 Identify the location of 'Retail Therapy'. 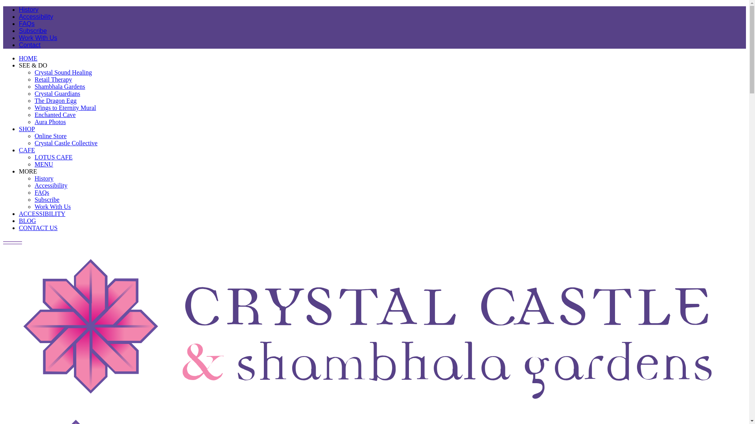
(53, 79).